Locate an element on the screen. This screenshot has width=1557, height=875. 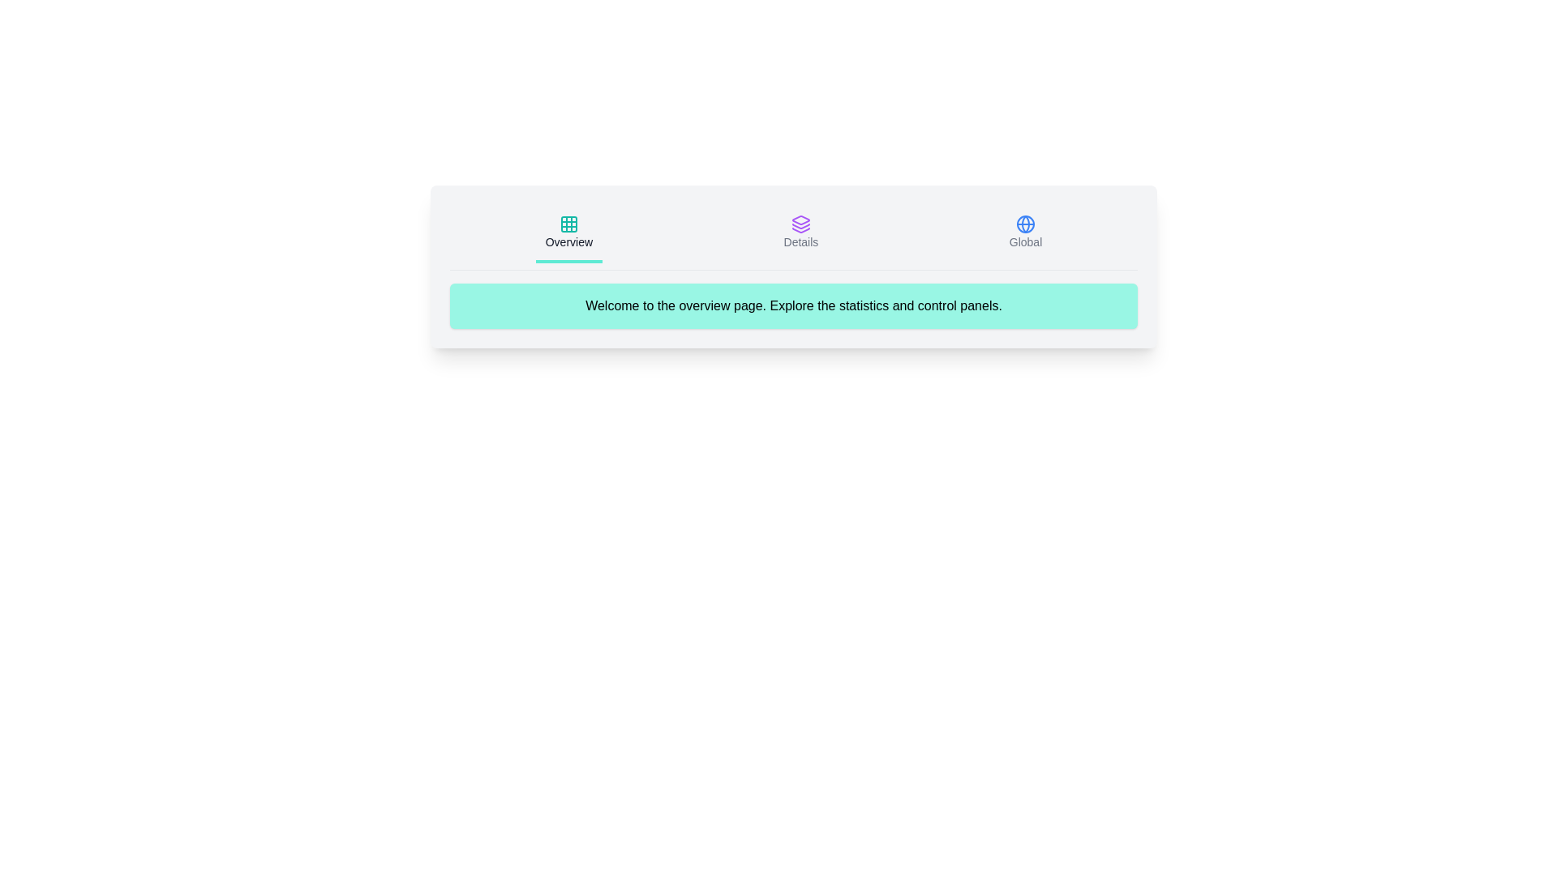
the Global tab to view its content is located at coordinates (1025, 234).